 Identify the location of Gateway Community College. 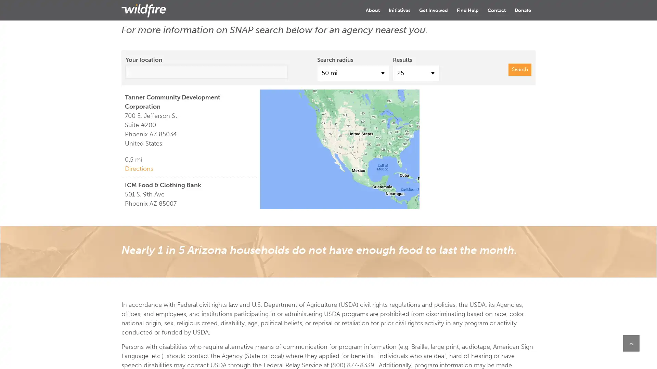
(399, 148).